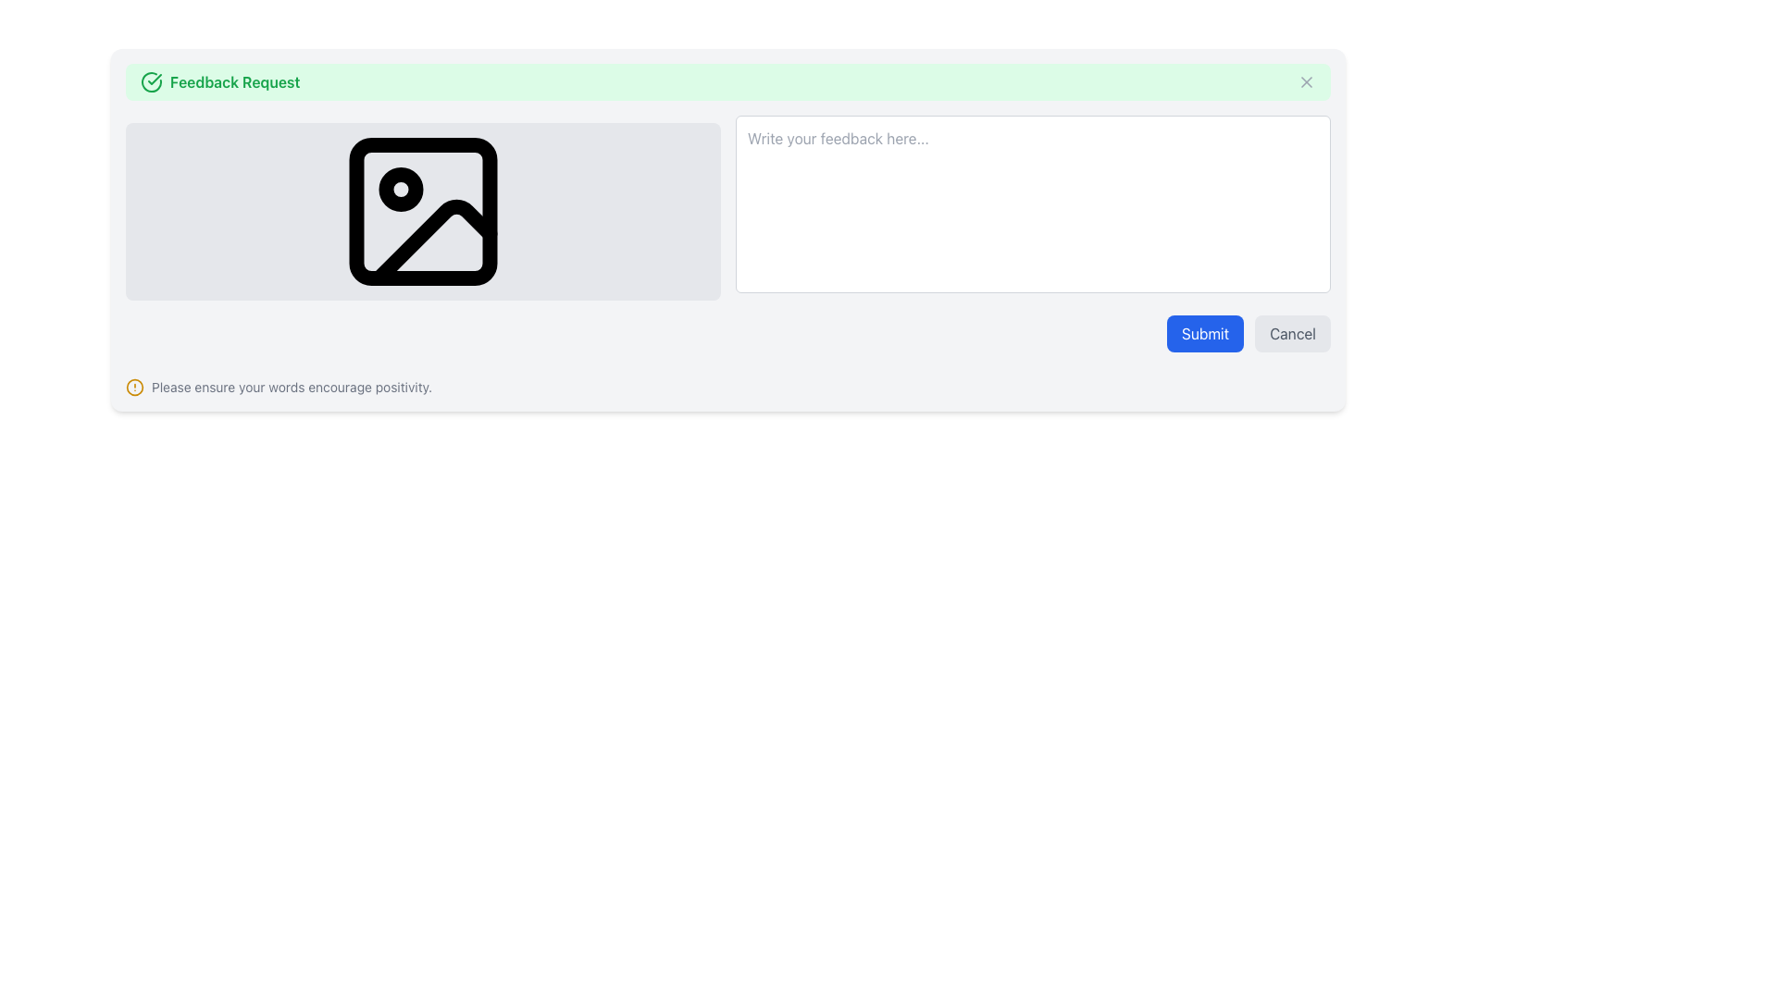  I want to click on the 'Submit' button, which has a blue background and white text, so click(1205, 334).